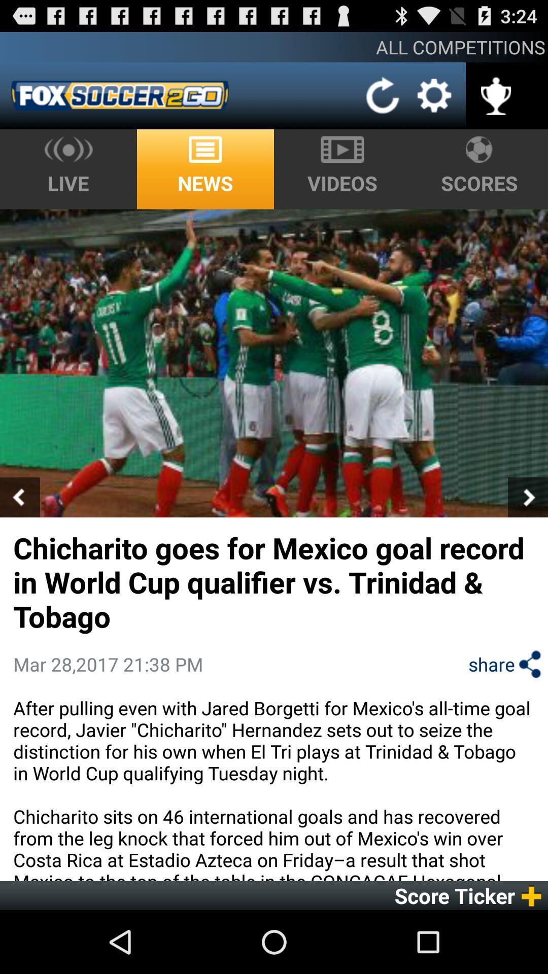 This screenshot has width=548, height=974. What do you see at coordinates (274, 788) in the screenshot?
I see `icon above score ticker app` at bounding box center [274, 788].